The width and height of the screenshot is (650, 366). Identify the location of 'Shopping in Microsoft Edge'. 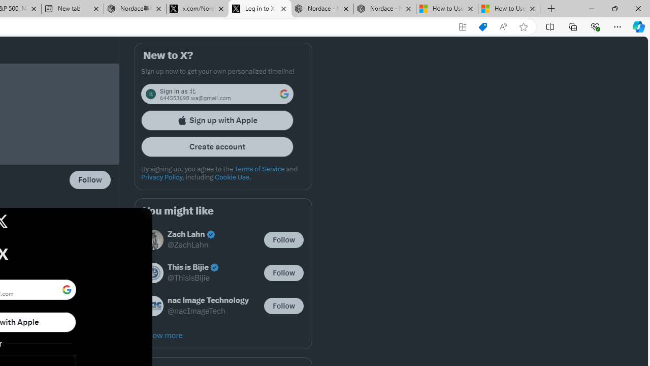
(482, 26).